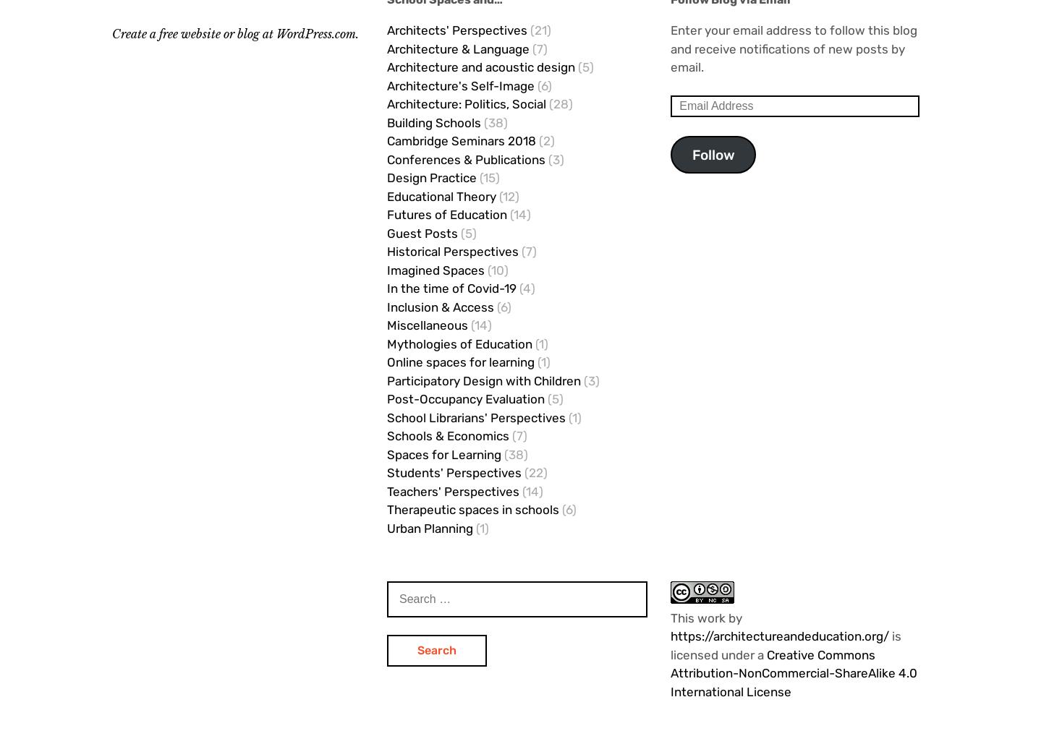 The image size is (1049, 744). I want to click on 'Building Schools', so click(434, 121).